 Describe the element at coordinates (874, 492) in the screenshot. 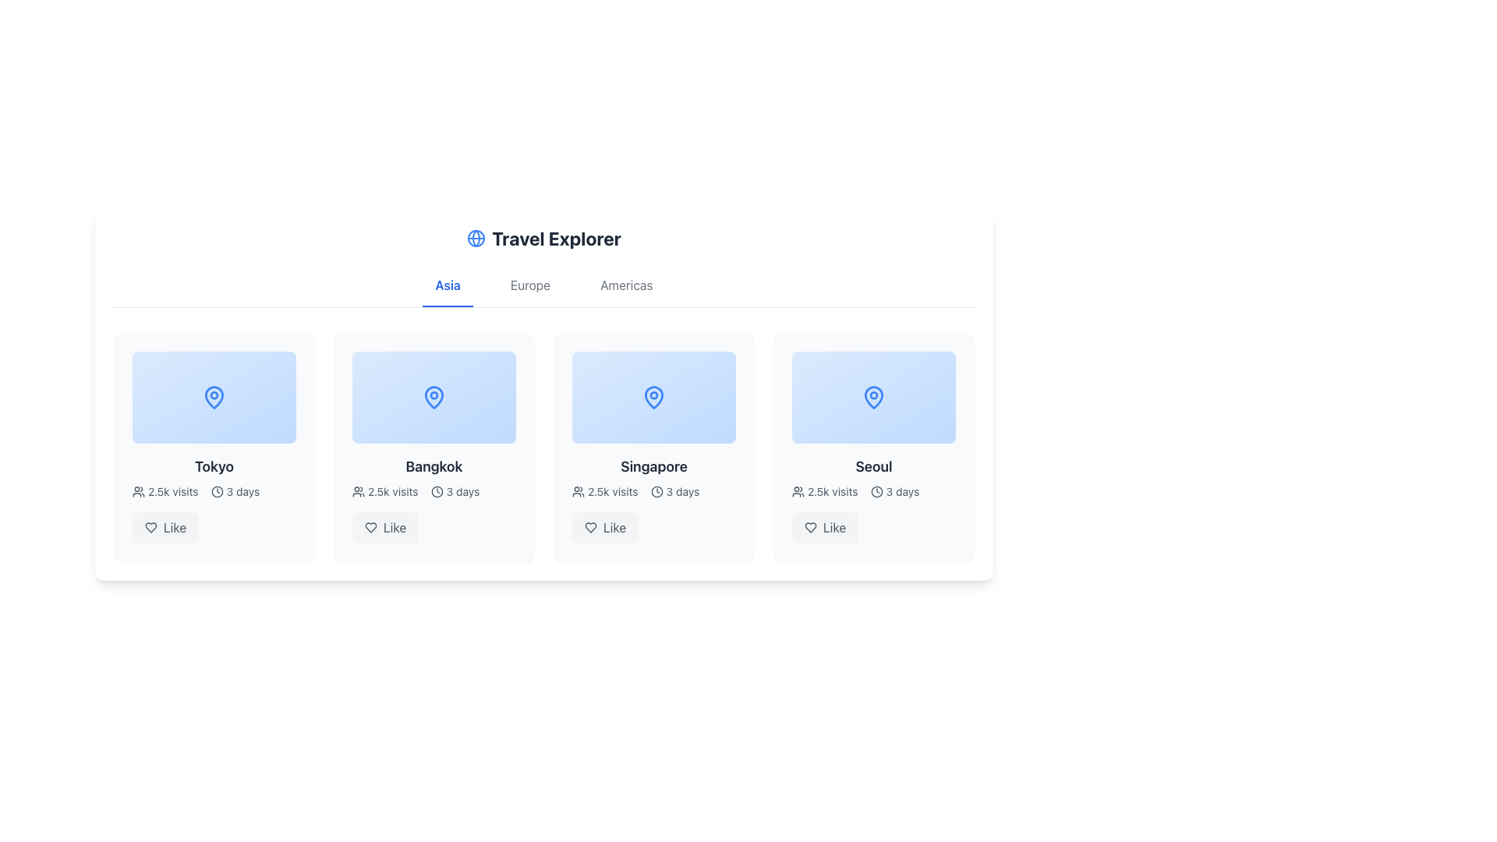

I see `displayed information from the Text and Icon Group located in the card titled 'Seoul', which shows '2.5k visits' and '3 days'` at that location.